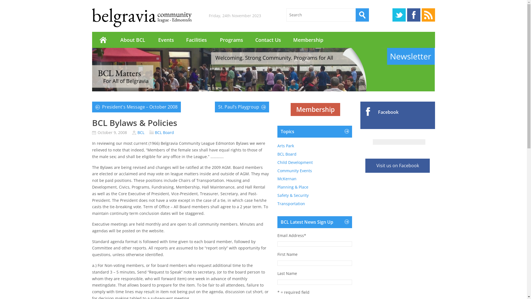 The image size is (531, 299). What do you see at coordinates (268, 39) in the screenshot?
I see `'Contact Us'` at bounding box center [268, 39].